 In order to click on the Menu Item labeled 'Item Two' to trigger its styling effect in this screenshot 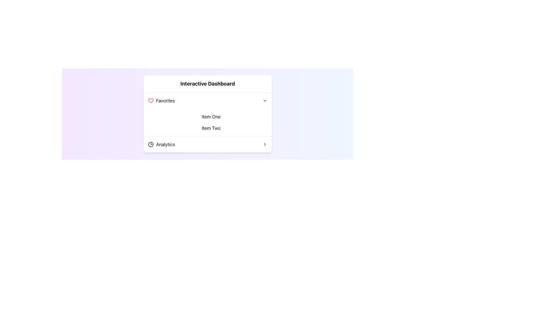, I will do `click(211, 128)`.